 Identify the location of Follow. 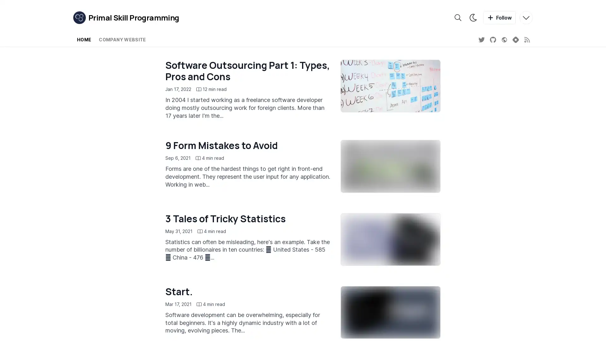
(499, 17).